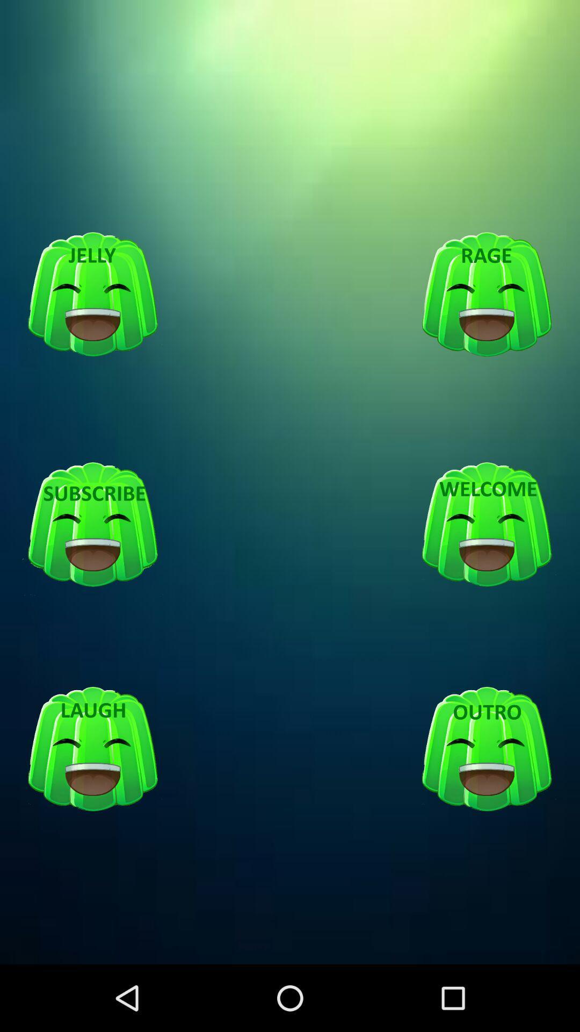 This screenshot has width=580, height=1032. I want to click on open emoji, so click(487, 749).